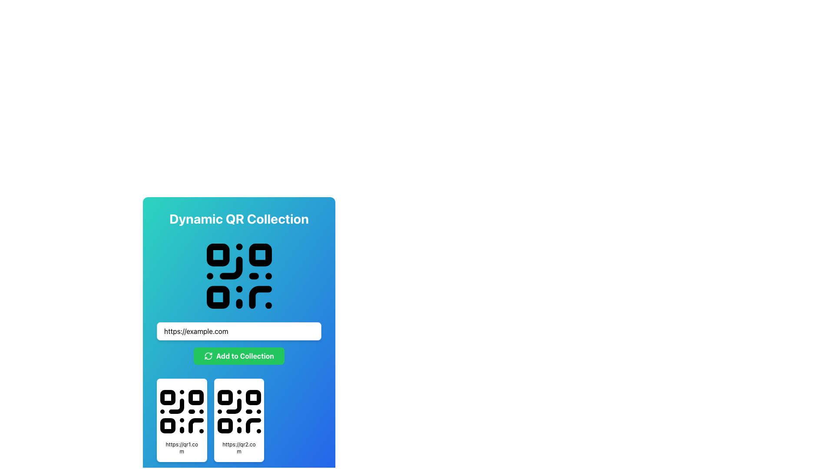 This screenshot has width=834, height=469. I want to click on the QR code on the Content card with the URL 'https://qr2.com' located in the 'Dynamic QR Collection' section by clicking on it, so click(239, 420).